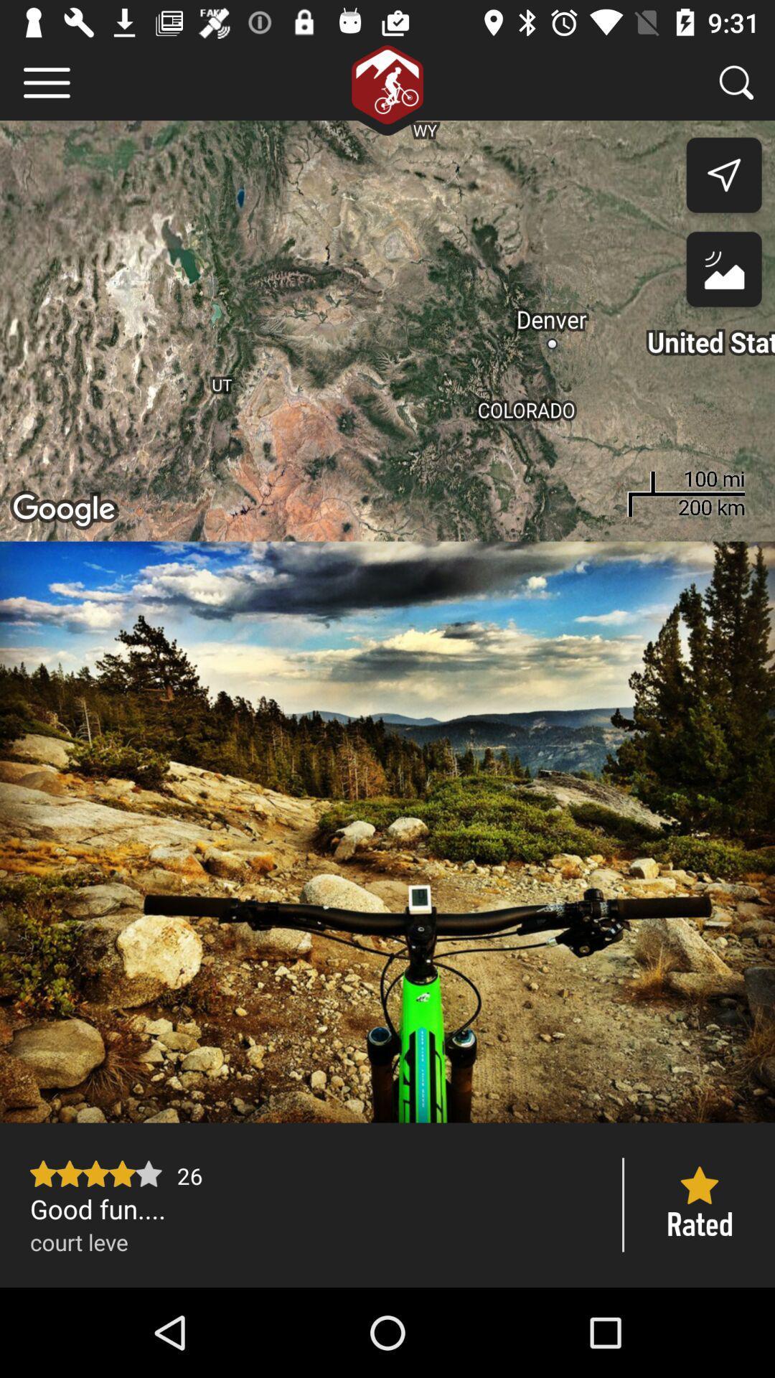 The height and width of the screenshot is (1378, 775). Describe the element at coordinates (311, 1208) in the screenshot. I see `the good fun.... item` at that location.